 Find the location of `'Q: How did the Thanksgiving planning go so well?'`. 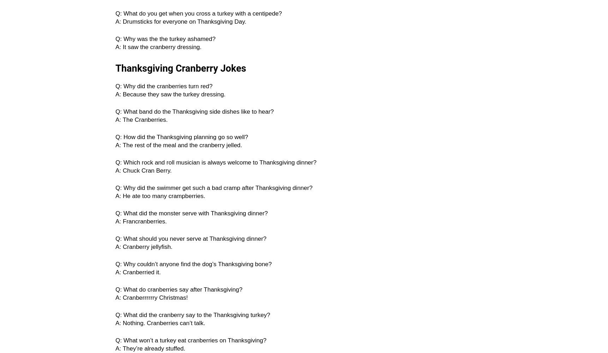

'Q: How did the Thanksgiving planning go so well?' is located at coordinates (181, 137).